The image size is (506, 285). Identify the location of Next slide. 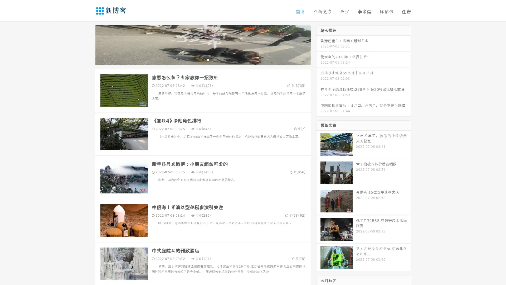
(318, 44).